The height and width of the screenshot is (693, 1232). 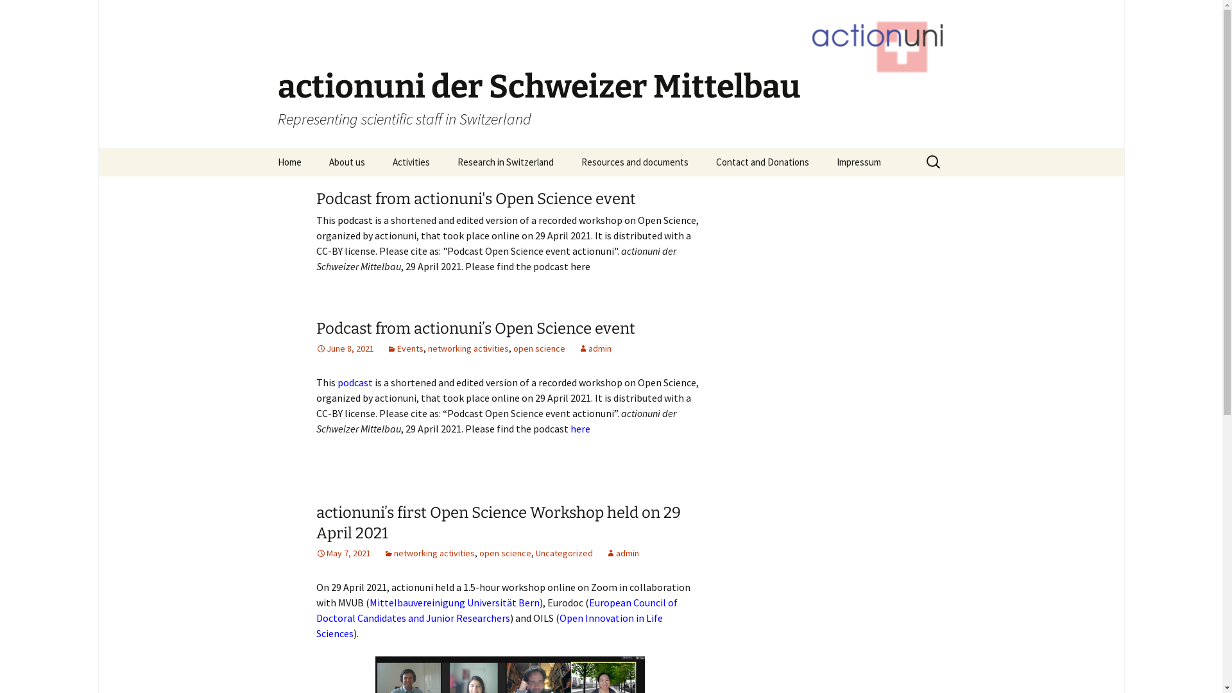 What do you see at coordinates (404, 348) in the screenshot?
I see `'Events'` at bounding box center [404, 348].